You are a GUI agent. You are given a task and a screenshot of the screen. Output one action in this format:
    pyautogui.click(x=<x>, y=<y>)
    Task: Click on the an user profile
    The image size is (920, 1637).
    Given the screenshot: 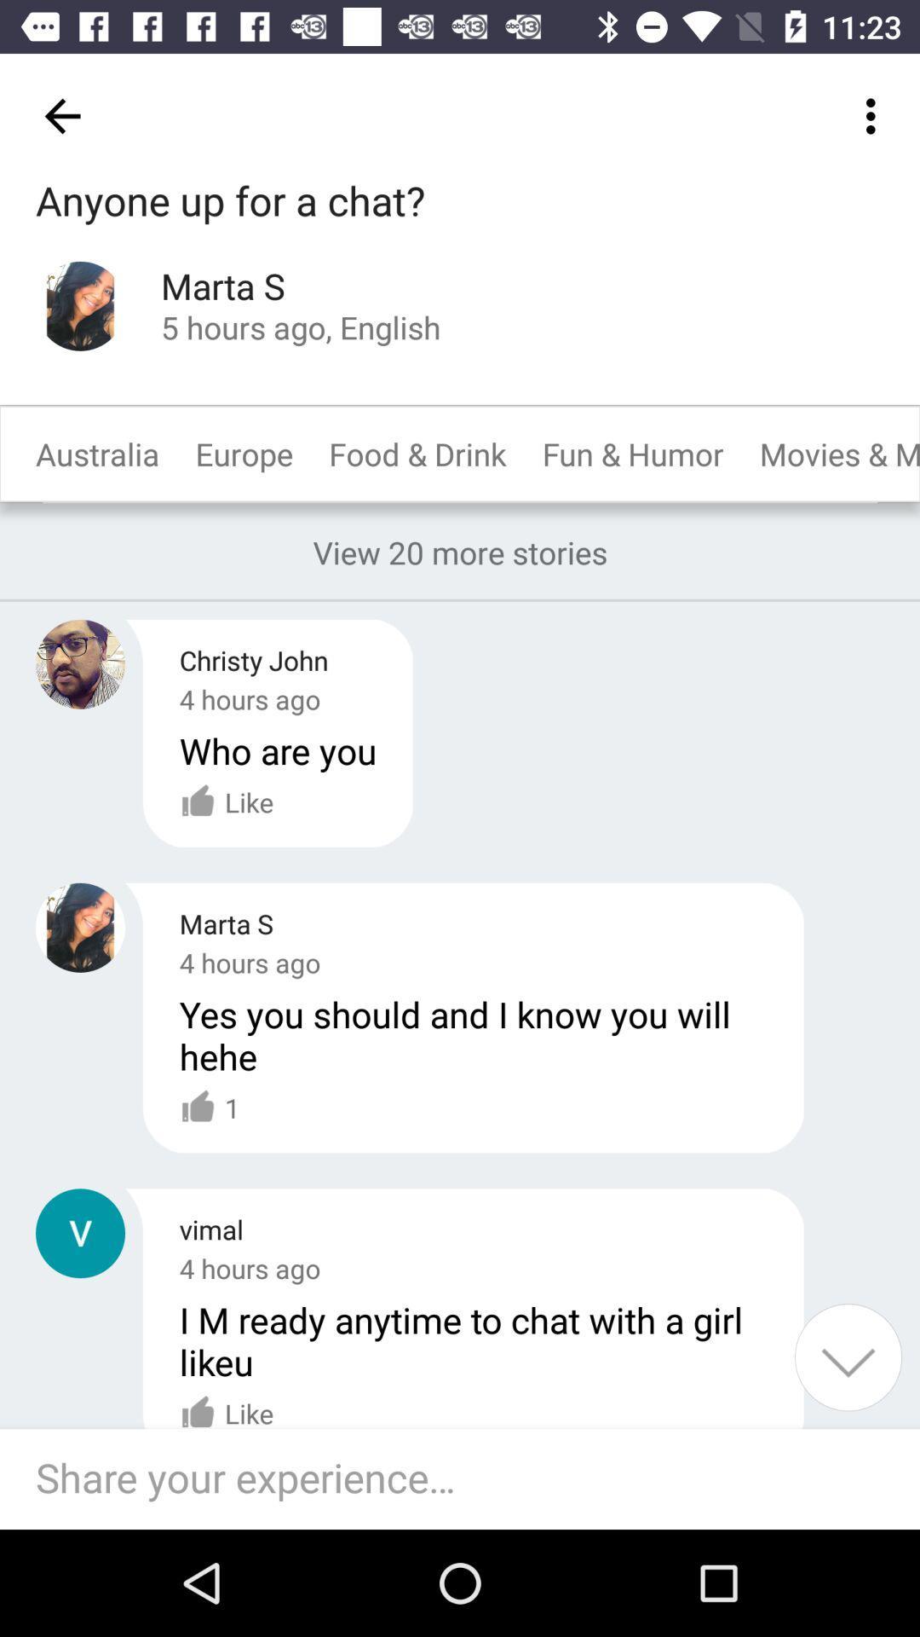 What is the action you would take?
    pyautogui.click(x=80, y=663)
    